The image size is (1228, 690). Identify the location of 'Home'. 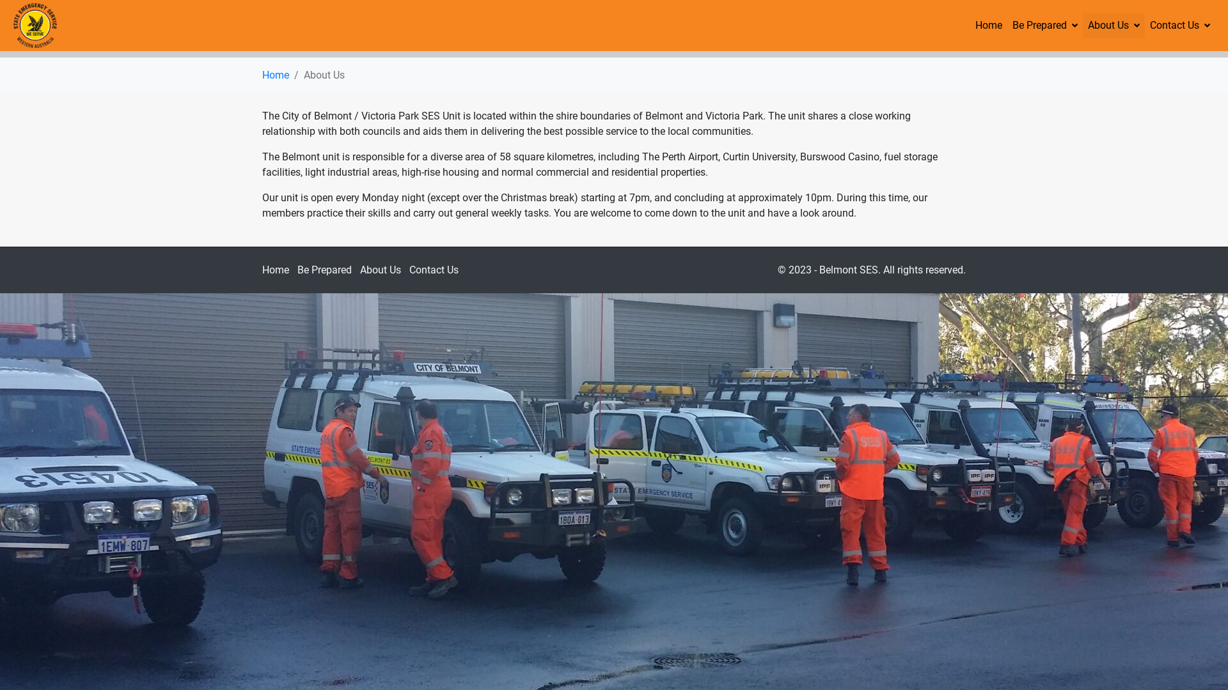
(988, 25).